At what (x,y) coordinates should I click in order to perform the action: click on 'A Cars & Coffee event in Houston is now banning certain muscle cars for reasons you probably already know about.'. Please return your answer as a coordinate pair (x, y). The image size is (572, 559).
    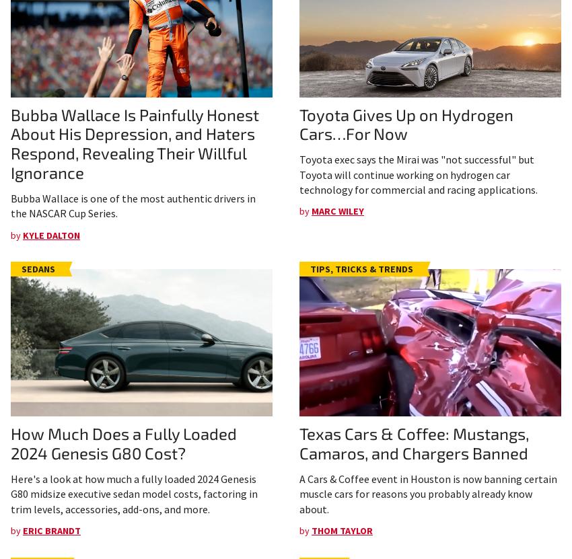
    Looking at the image, I should click on (427, 492).